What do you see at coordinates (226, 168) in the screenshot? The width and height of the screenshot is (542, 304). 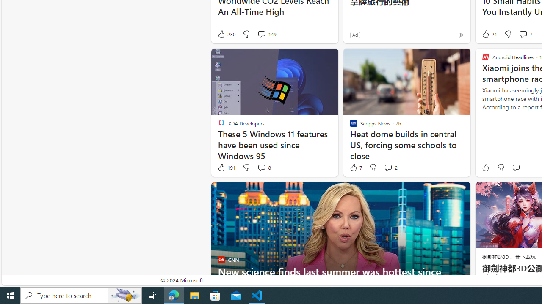 I see `'191 Like'` at bounding box center [226, 168].